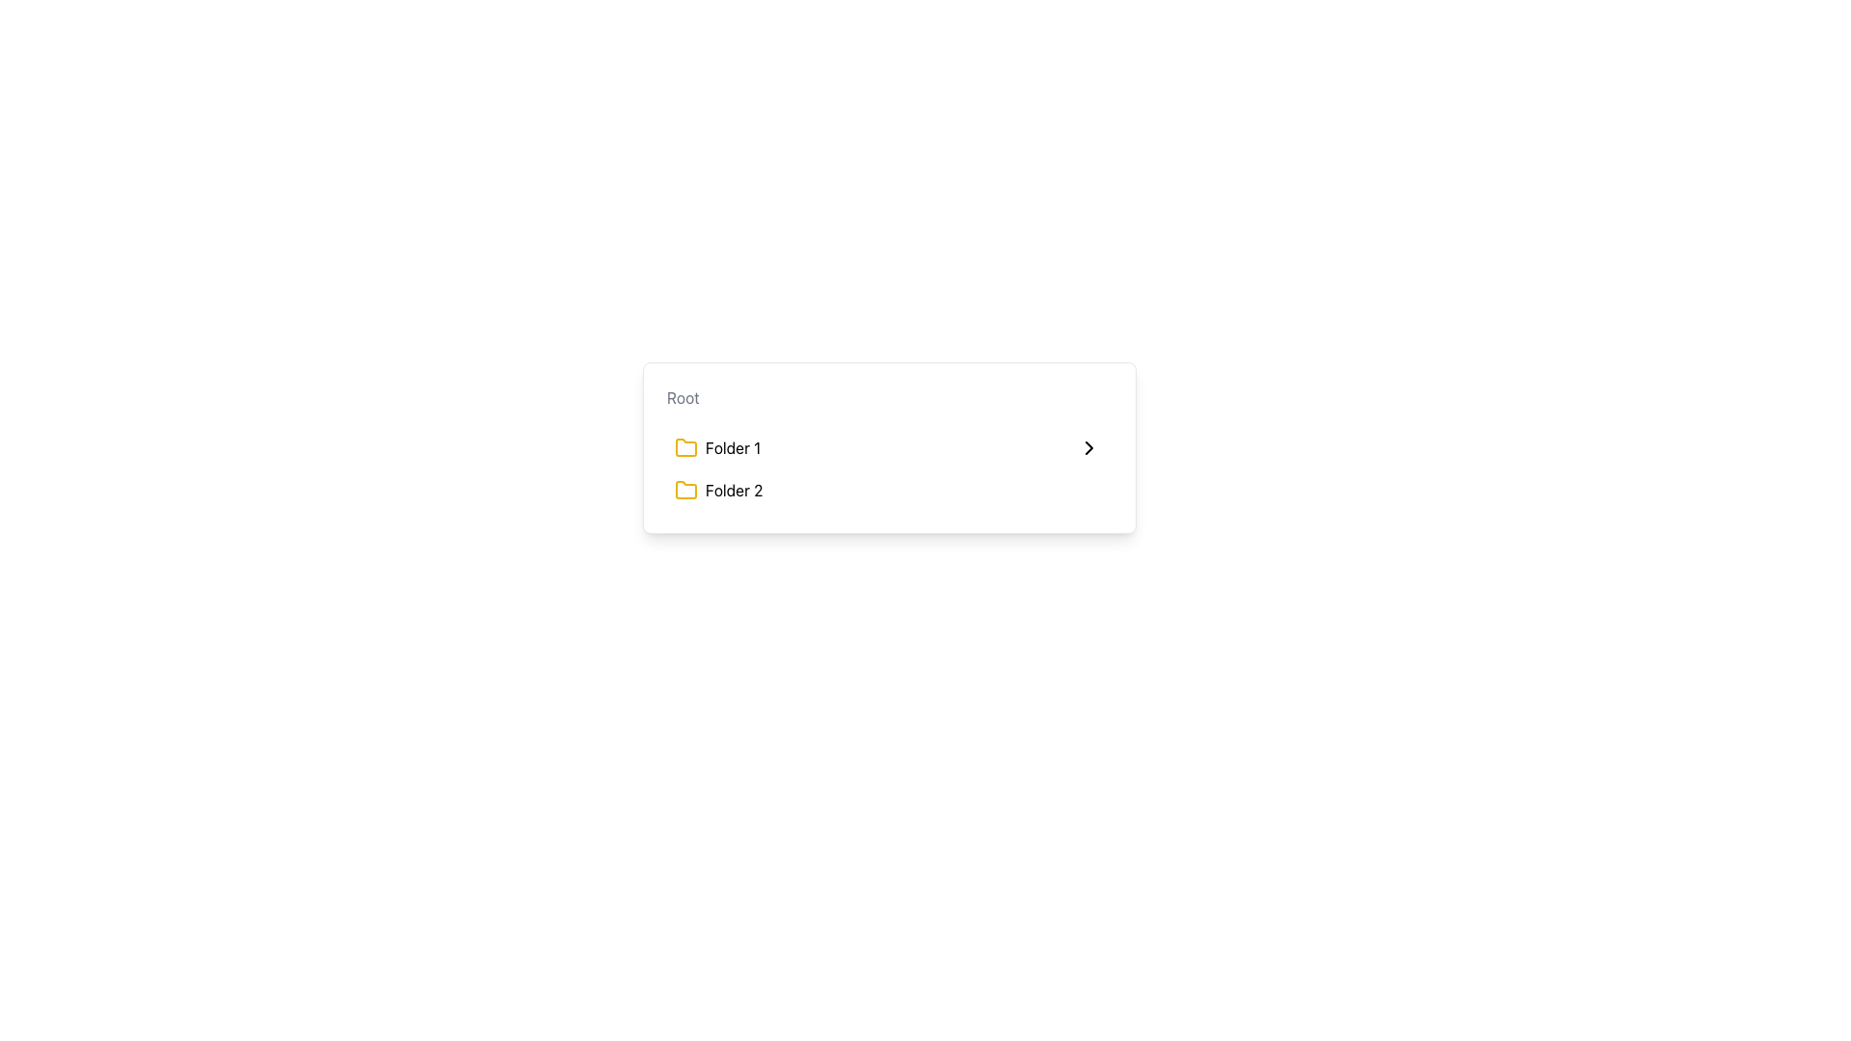 This screenshot has width=1851, height=1041. What do you see at coordinates (732, 448) in the screenshot?
I see `on the text label that represents the folder's name, located` at bounding box center [732, 448].